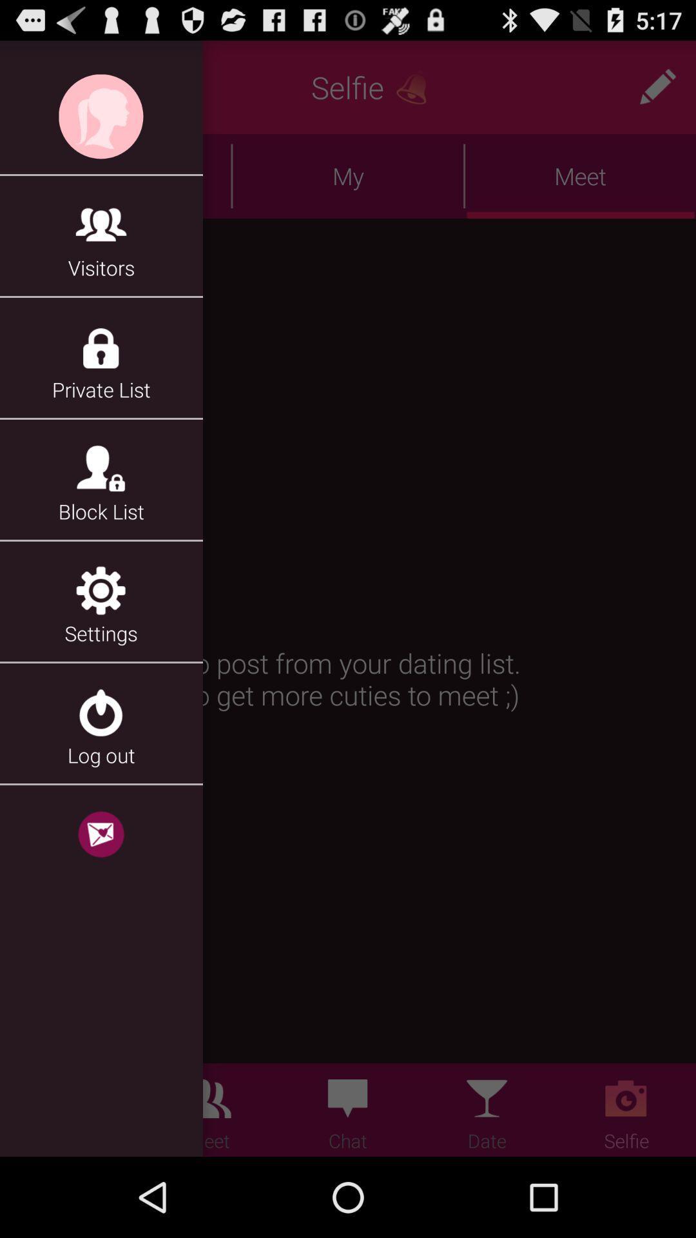  What do you see at coordinates (416, 92) in the screenshot?
I see `the notifications icon` at bounding box center [416, 92].